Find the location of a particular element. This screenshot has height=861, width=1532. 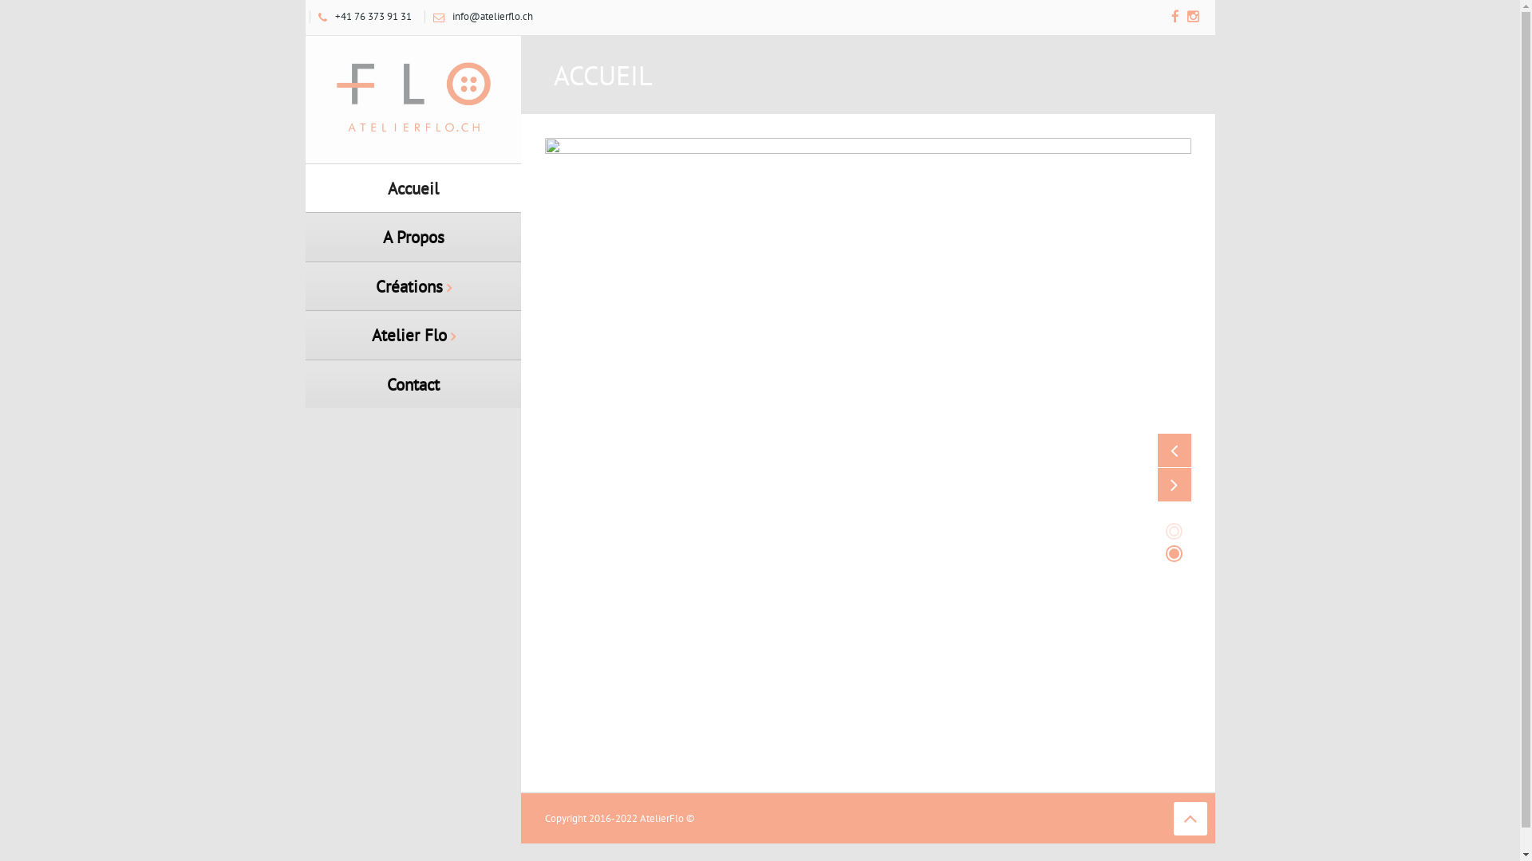

'Atelier Flo' is located at coordinates (329, 98).